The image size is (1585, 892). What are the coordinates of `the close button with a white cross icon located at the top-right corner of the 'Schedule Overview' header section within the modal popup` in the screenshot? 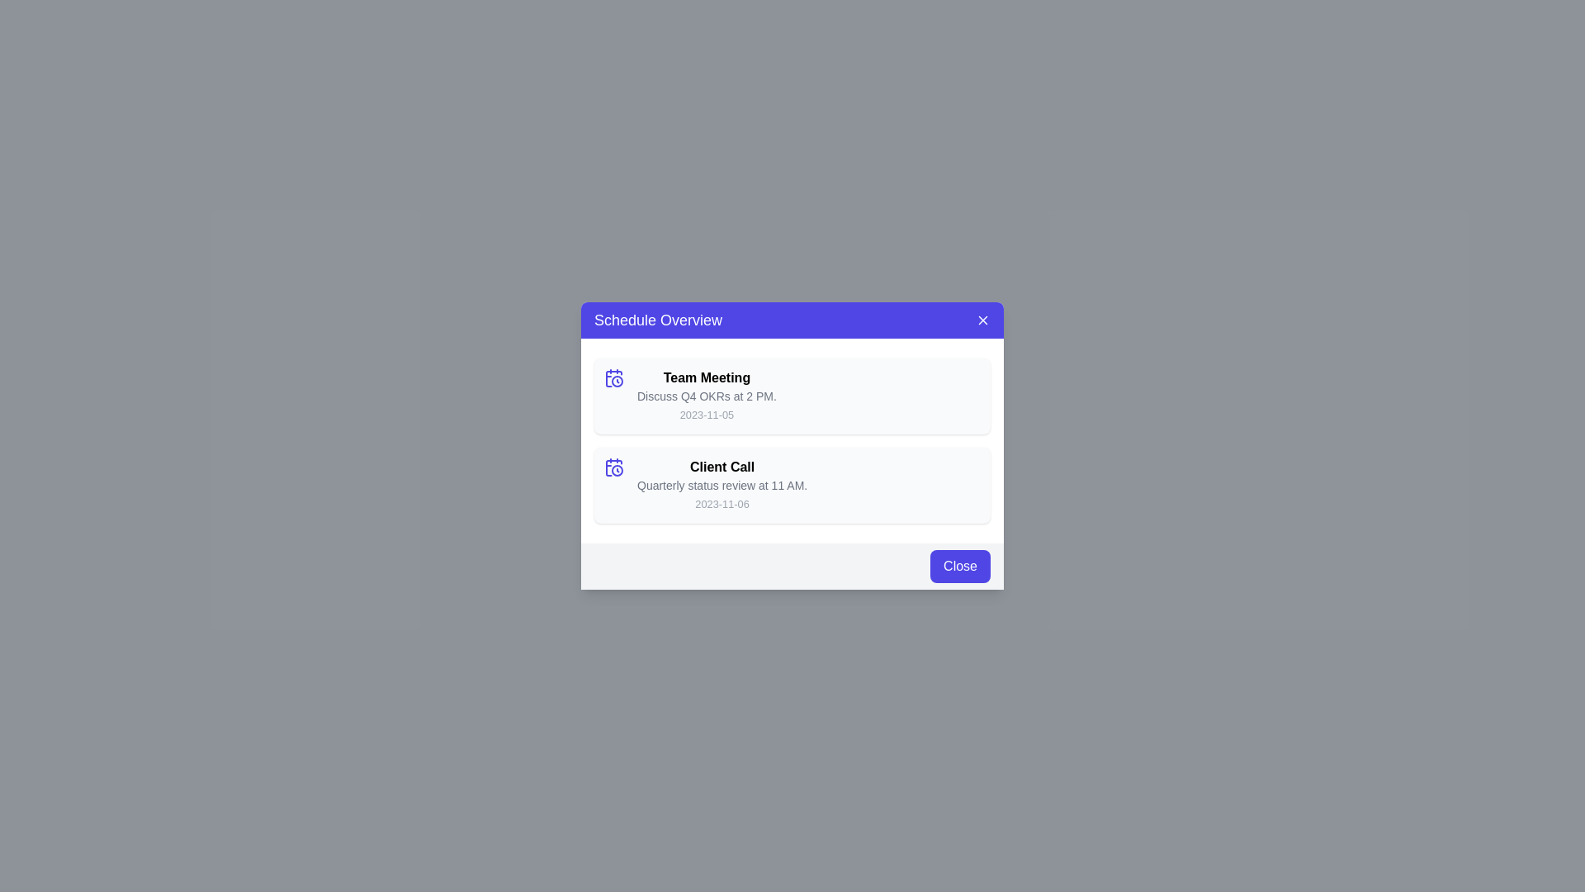 It's located at (982, 320).